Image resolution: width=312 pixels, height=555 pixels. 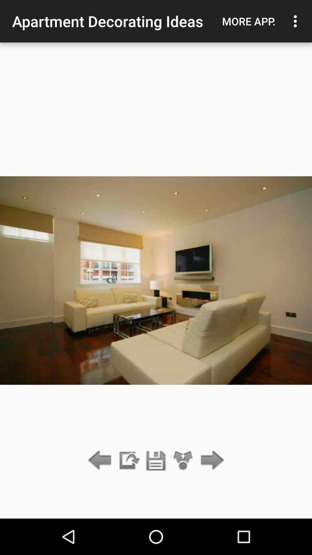 What do you see at coordinates (128, 460) in the screenshot?
I see `the item below the apartment decorating ideas icon` at bounding box center [128, 460].